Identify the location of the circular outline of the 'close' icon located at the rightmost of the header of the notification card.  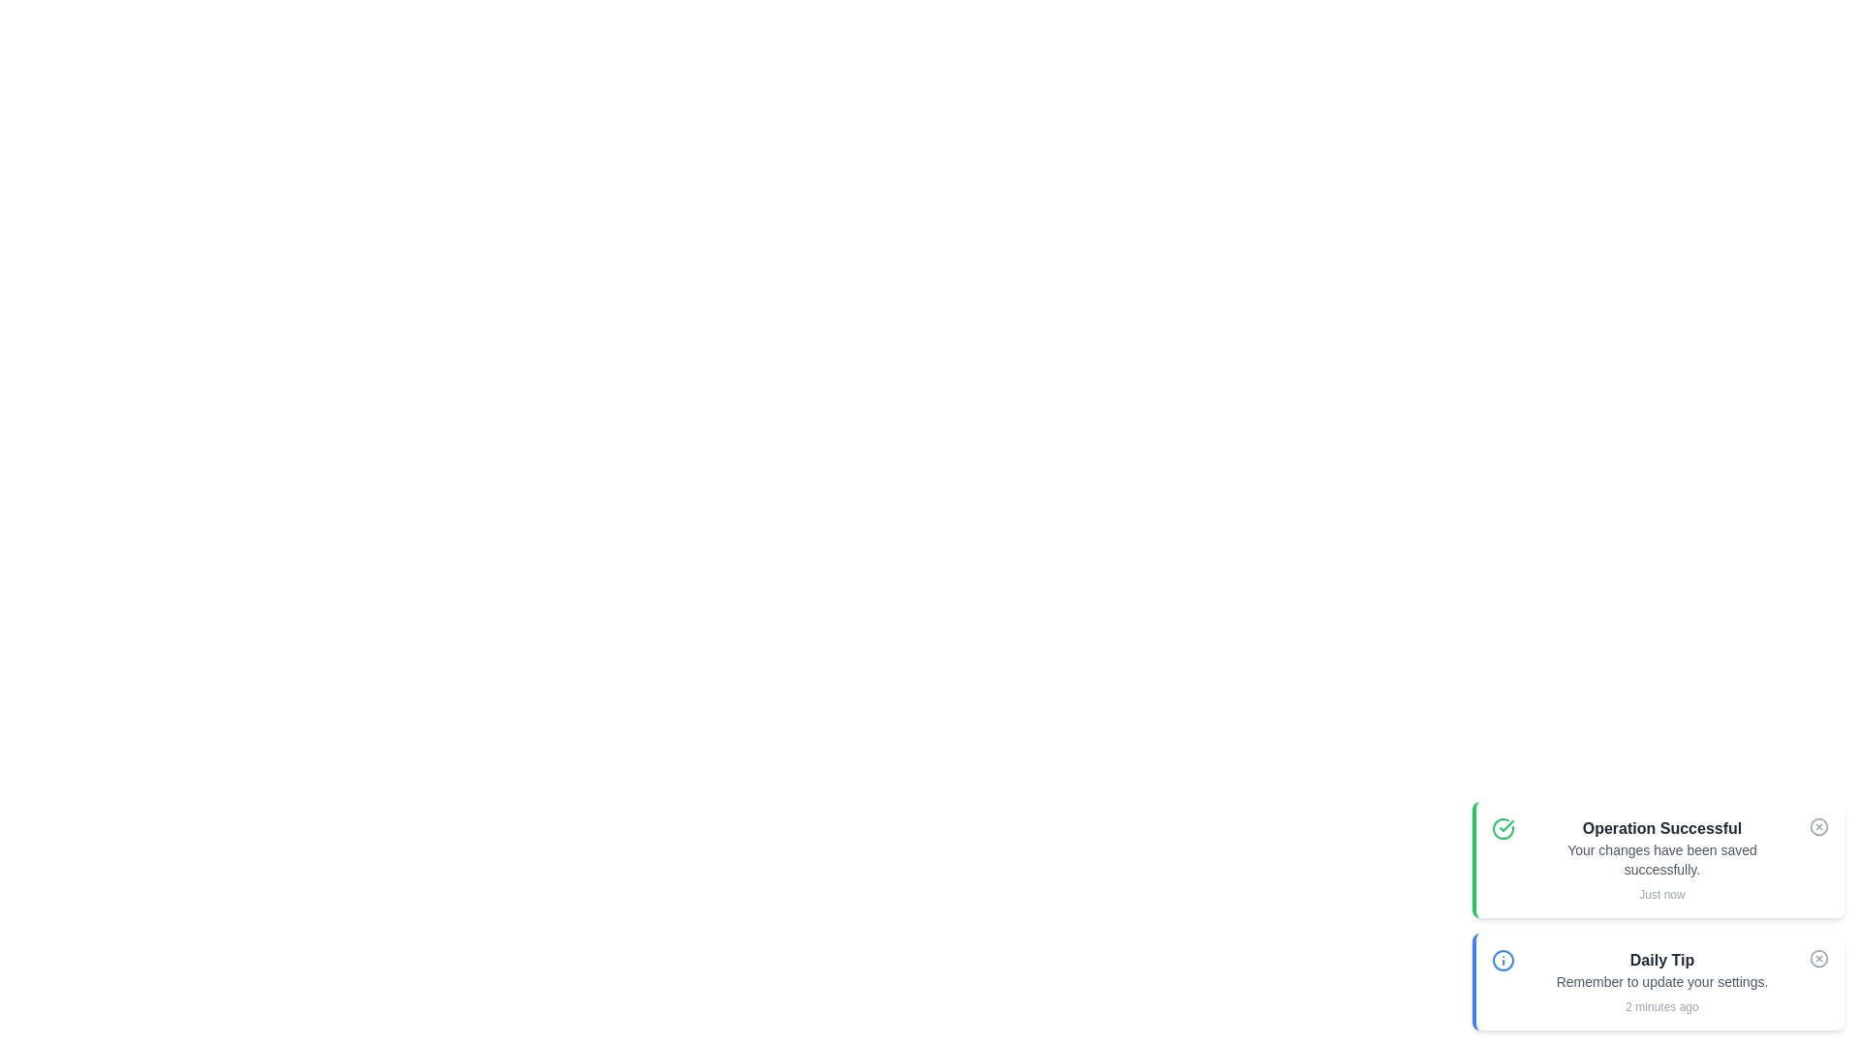
(1817, 826).